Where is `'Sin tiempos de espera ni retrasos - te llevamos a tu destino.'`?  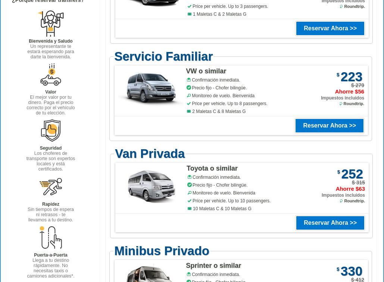 'Sin tiempos de espera ni retrasos - te llevamos a tu destino.' is located at coordinates (50, 214).